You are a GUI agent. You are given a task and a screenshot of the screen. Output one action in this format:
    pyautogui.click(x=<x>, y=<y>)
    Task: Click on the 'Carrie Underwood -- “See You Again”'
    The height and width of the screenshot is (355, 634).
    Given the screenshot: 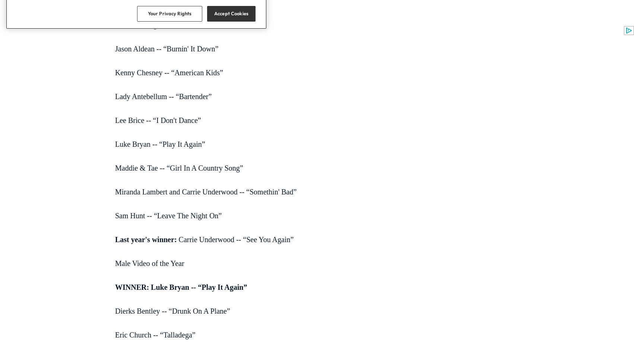 What is the action you would take?
    pyautogui.click(x=235, y=239)
    